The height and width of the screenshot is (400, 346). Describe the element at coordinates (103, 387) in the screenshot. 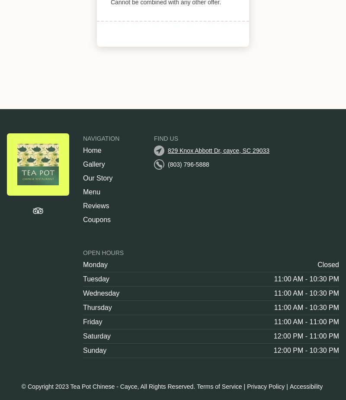

I see `'Tea Pot Chinese - Cayce'` at that location.